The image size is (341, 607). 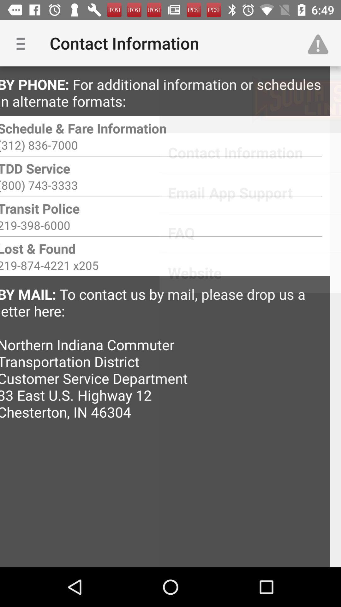 What do you see at coordinates (321, 43) in the screenshot?
I see `item at the top right corner` at bounding box center [321, 43].